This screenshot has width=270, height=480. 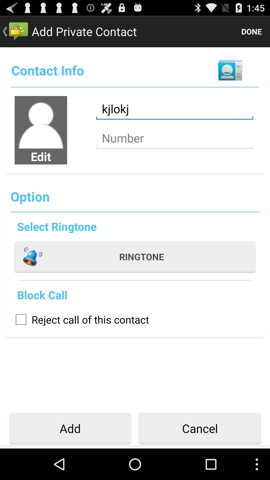 What do you see at coordinates (40, 122) in the screenshot?
I see `profile symbol` at bounding box center [40, 122].